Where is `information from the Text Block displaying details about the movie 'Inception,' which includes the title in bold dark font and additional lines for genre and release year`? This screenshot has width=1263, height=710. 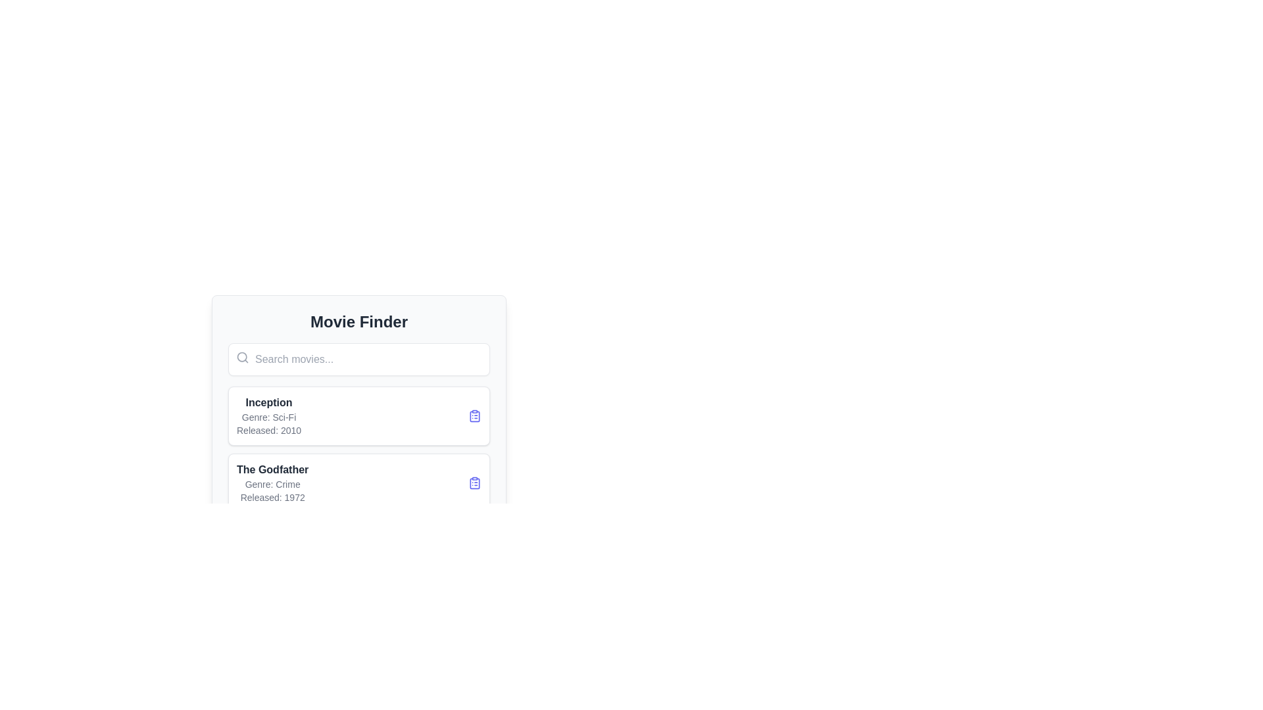 information from the Text Block displaying details about the movie 'Inception,' which includes the title in bold dark font and additional lines for genre and release year is located at coordinates (268, 415).